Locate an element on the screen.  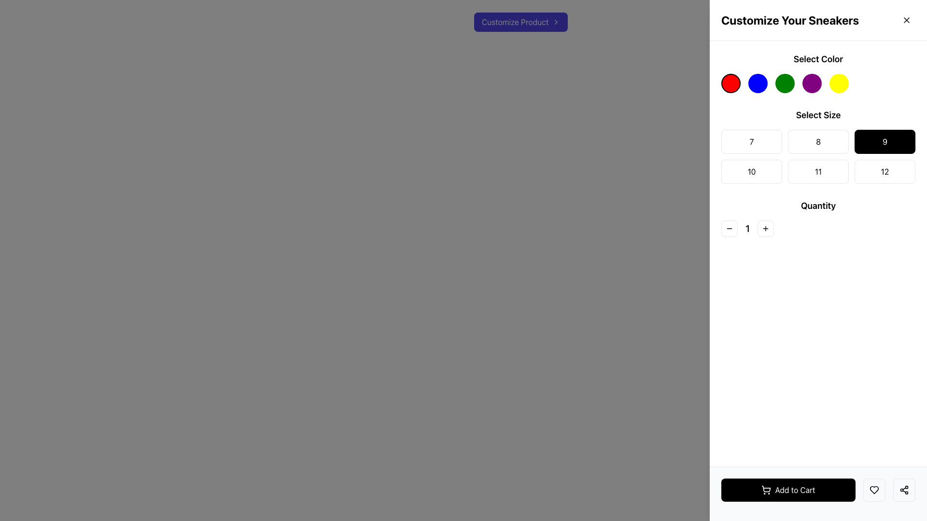
the 'Select Size' text label, which is bold and positioned in the upper-right panel below 'Select Color' is located at coordinates (817, 115).